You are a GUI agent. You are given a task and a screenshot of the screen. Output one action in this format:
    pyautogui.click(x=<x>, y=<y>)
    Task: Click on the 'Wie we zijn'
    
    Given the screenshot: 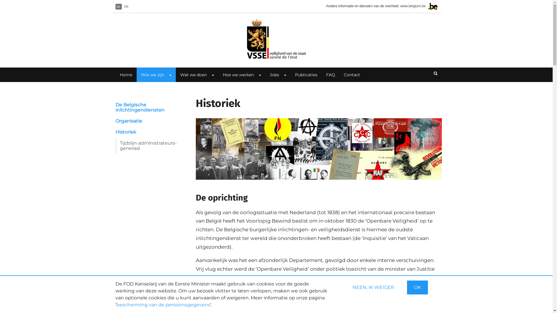 What is the action you would take?
    pyautogui.click(x=150, y=74)
    